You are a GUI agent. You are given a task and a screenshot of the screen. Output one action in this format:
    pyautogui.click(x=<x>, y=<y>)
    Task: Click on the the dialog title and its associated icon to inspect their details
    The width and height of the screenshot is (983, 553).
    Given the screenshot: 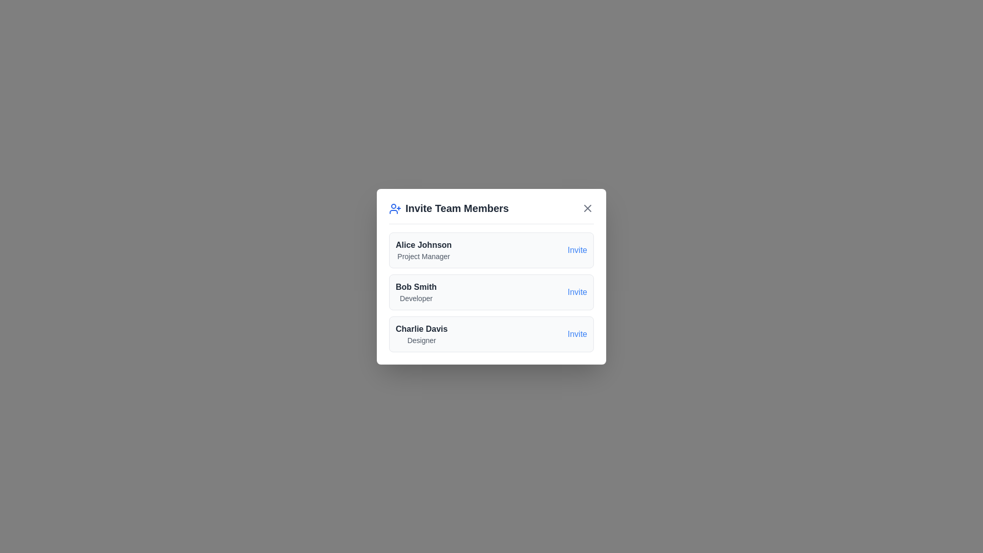 What is the action you would take?
    pyautogui.click(x=449, y=207)
    